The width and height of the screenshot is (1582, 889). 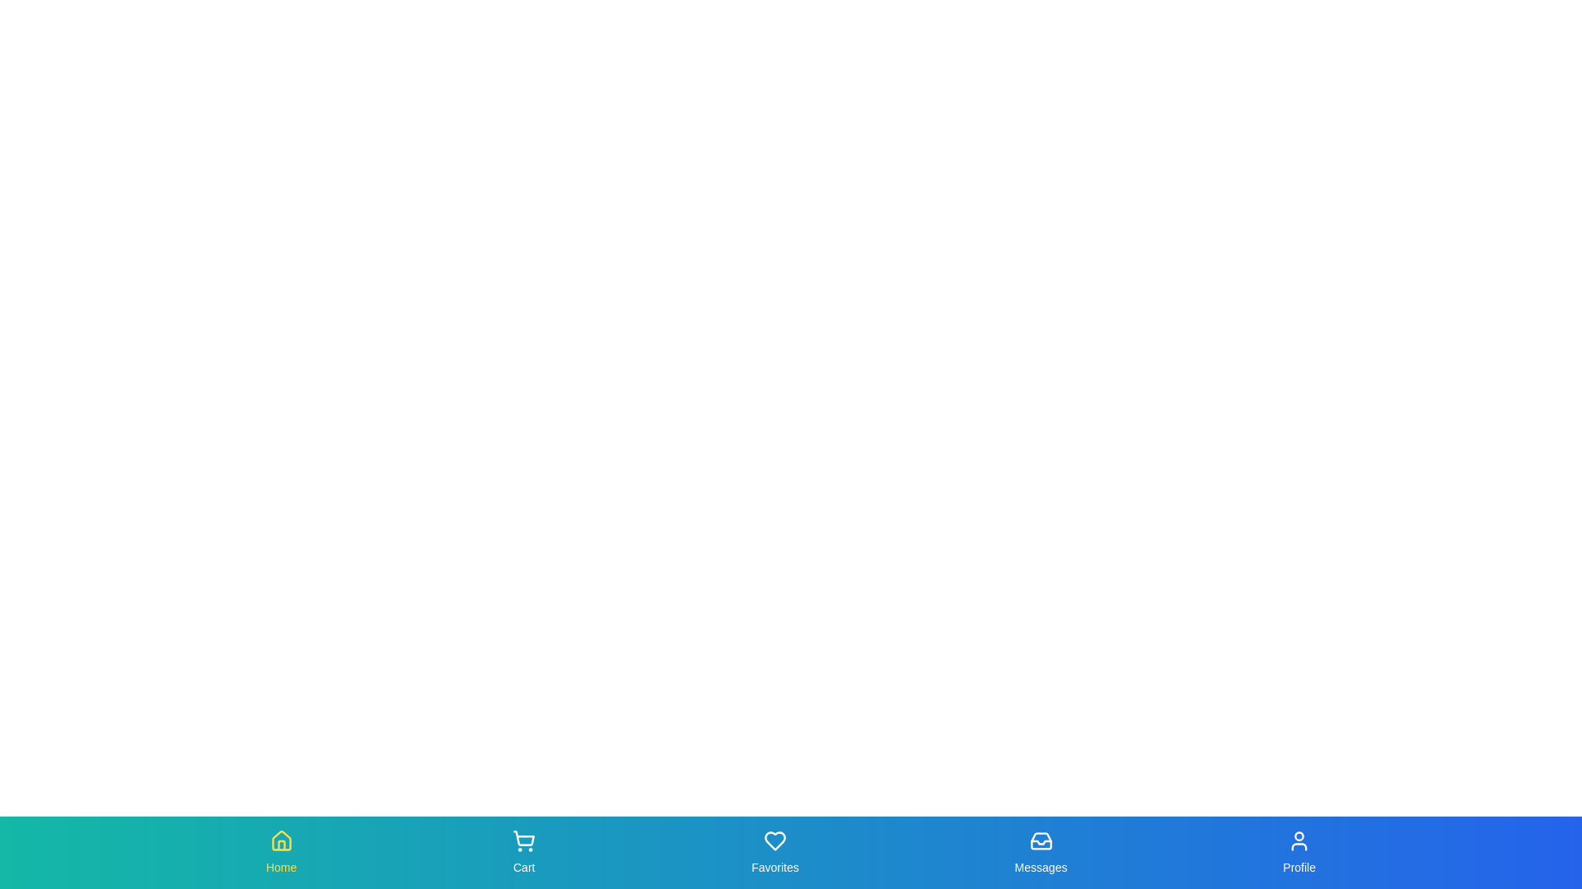 I want to click on the tab labeled Favorites to view the scale effect, so click(x=774, y=852).